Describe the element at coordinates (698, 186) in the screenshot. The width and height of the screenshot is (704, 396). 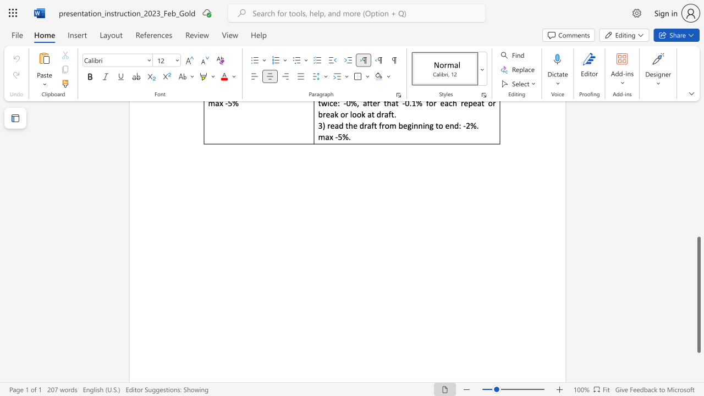
I see `the scrollbar to move the page up` at that location.